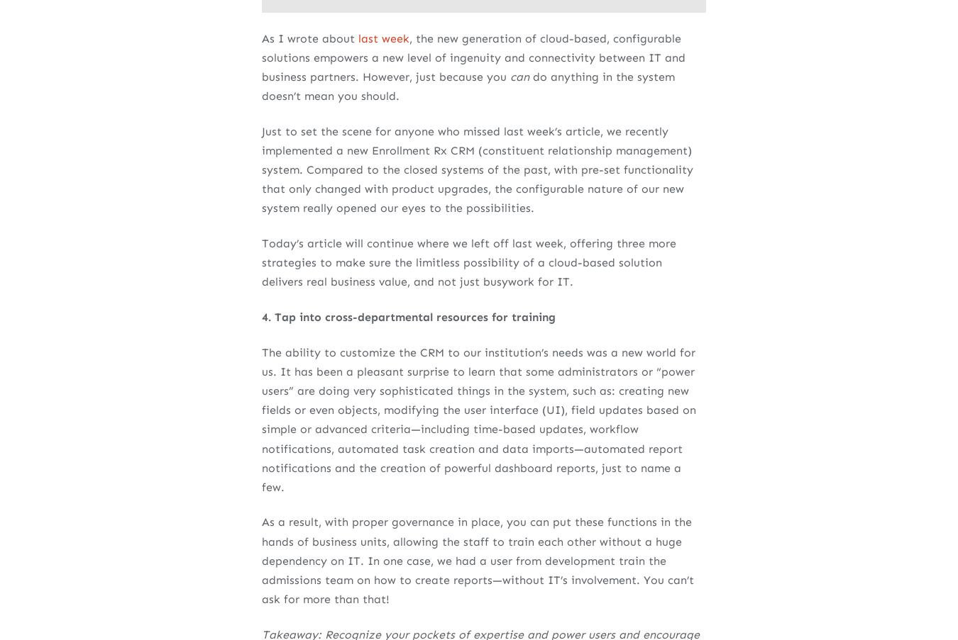  I want to click on ', the new generation of cloud-based, configurable solutions empowers a new level of ingenuity and connectivity between IT and business partners. However, just because you', so click(473, 57).